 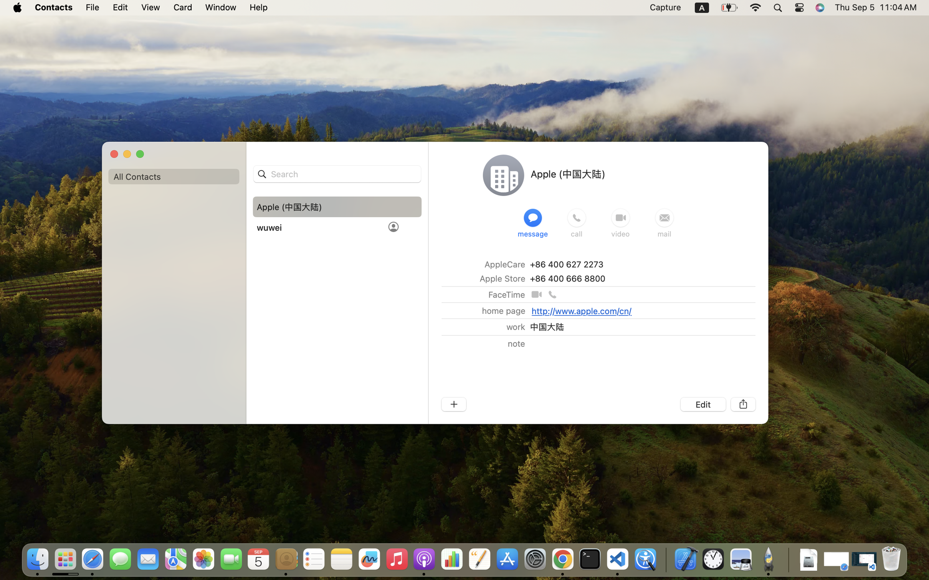 I want to click on '中国大陆', so click(x=546, y=326).